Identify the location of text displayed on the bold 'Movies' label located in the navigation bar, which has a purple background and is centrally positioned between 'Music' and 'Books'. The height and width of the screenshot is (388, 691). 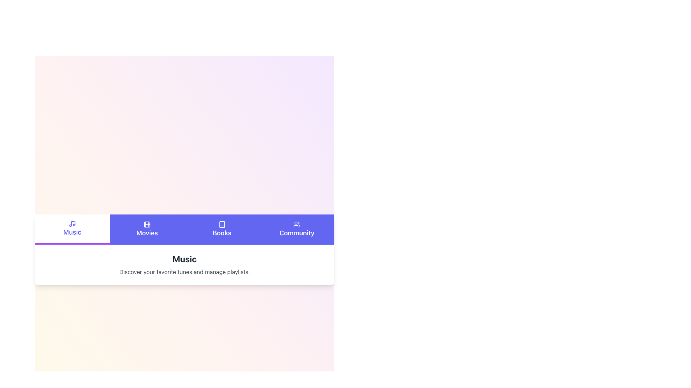
(146, 233).